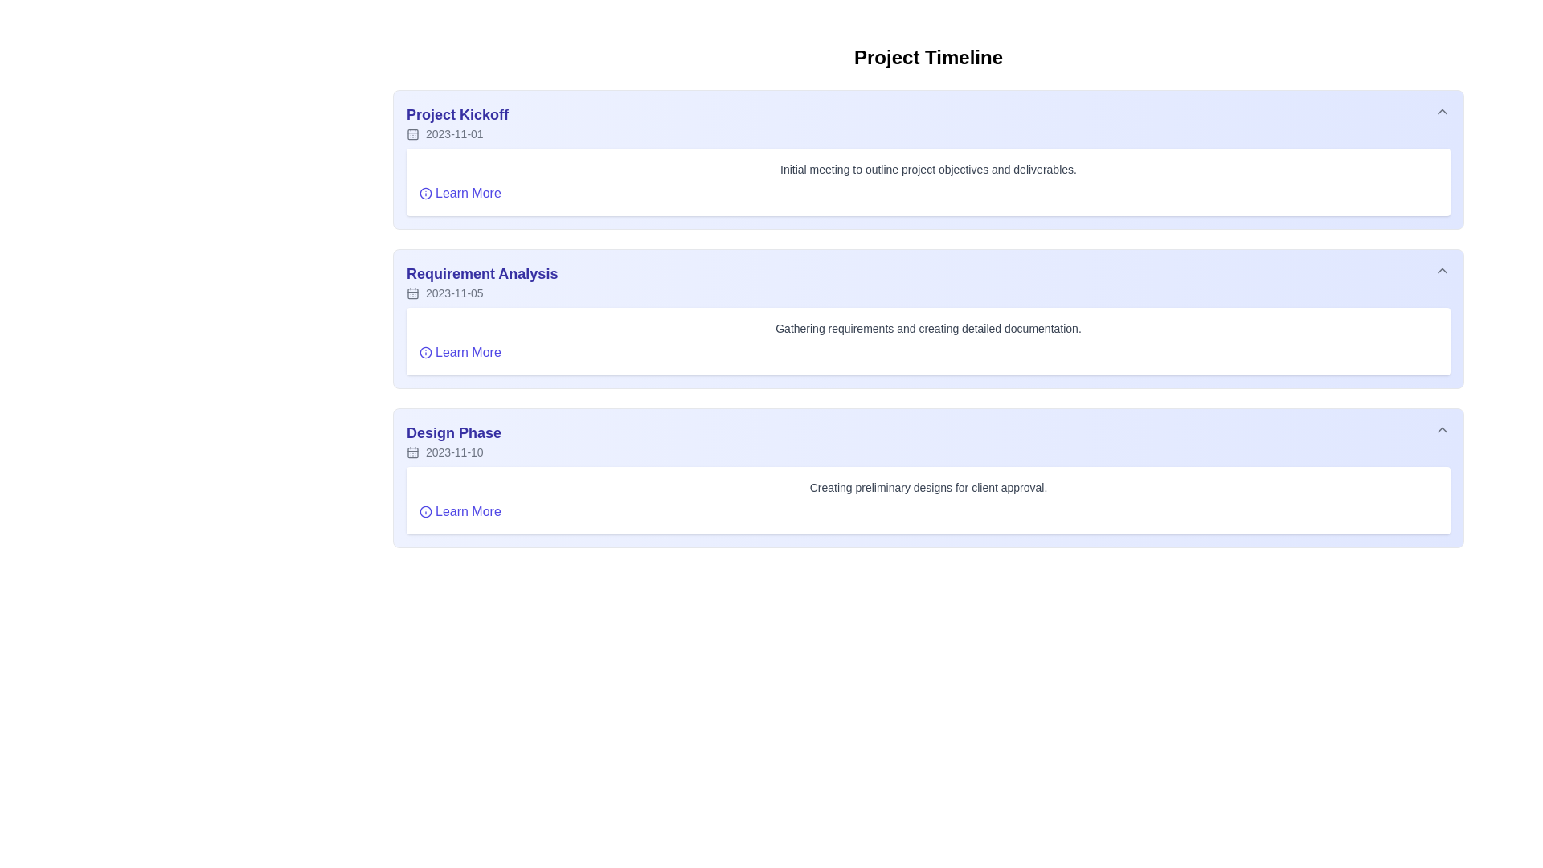 Image resolution: width=1543 pixels, height=868 pixels. What do you see at coordinates (425, 192) in the screenshot?
I see `the circular information icon within the 'Project Kickoff' row, adjacent to the 'Learn More' text label` at bounding box center [425, 192].